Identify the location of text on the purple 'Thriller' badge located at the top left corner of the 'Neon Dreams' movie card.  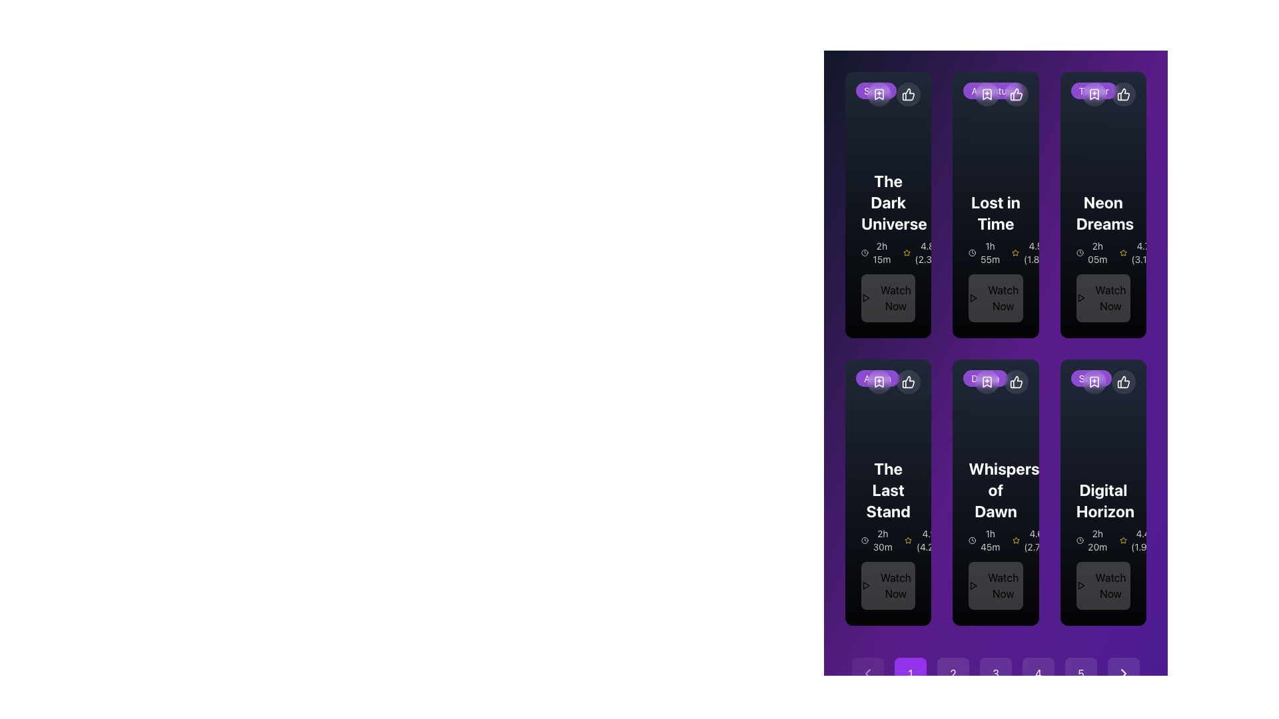
(1094, 90).